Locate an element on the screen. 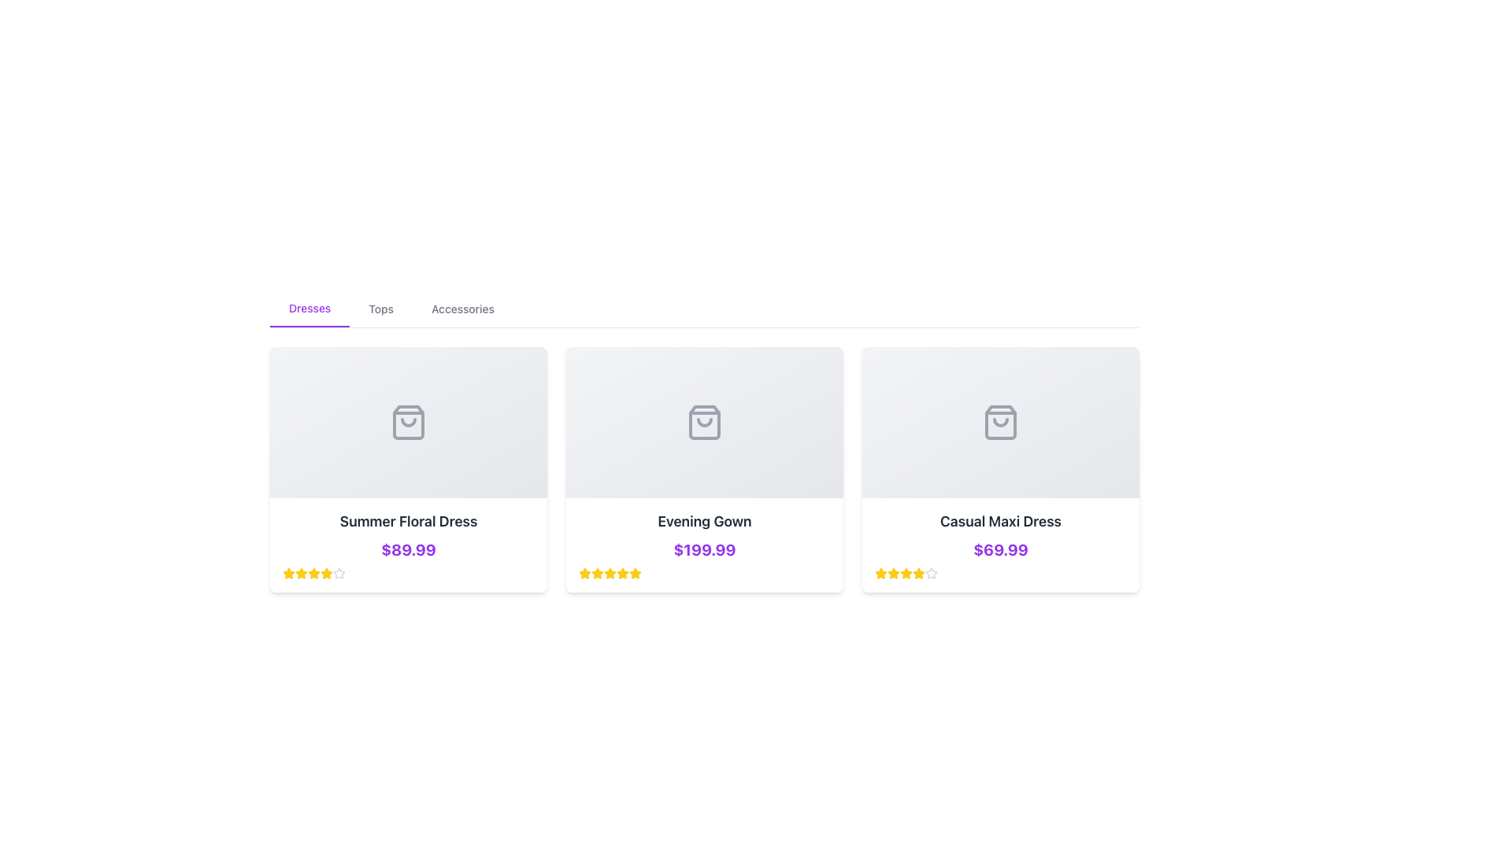 This screenshot has height=850, width=1512. the fourth star icon representing the rating for the 'Evening Gown' product, located under the displayed price in the middle product card is located at coordinates (622, 573).